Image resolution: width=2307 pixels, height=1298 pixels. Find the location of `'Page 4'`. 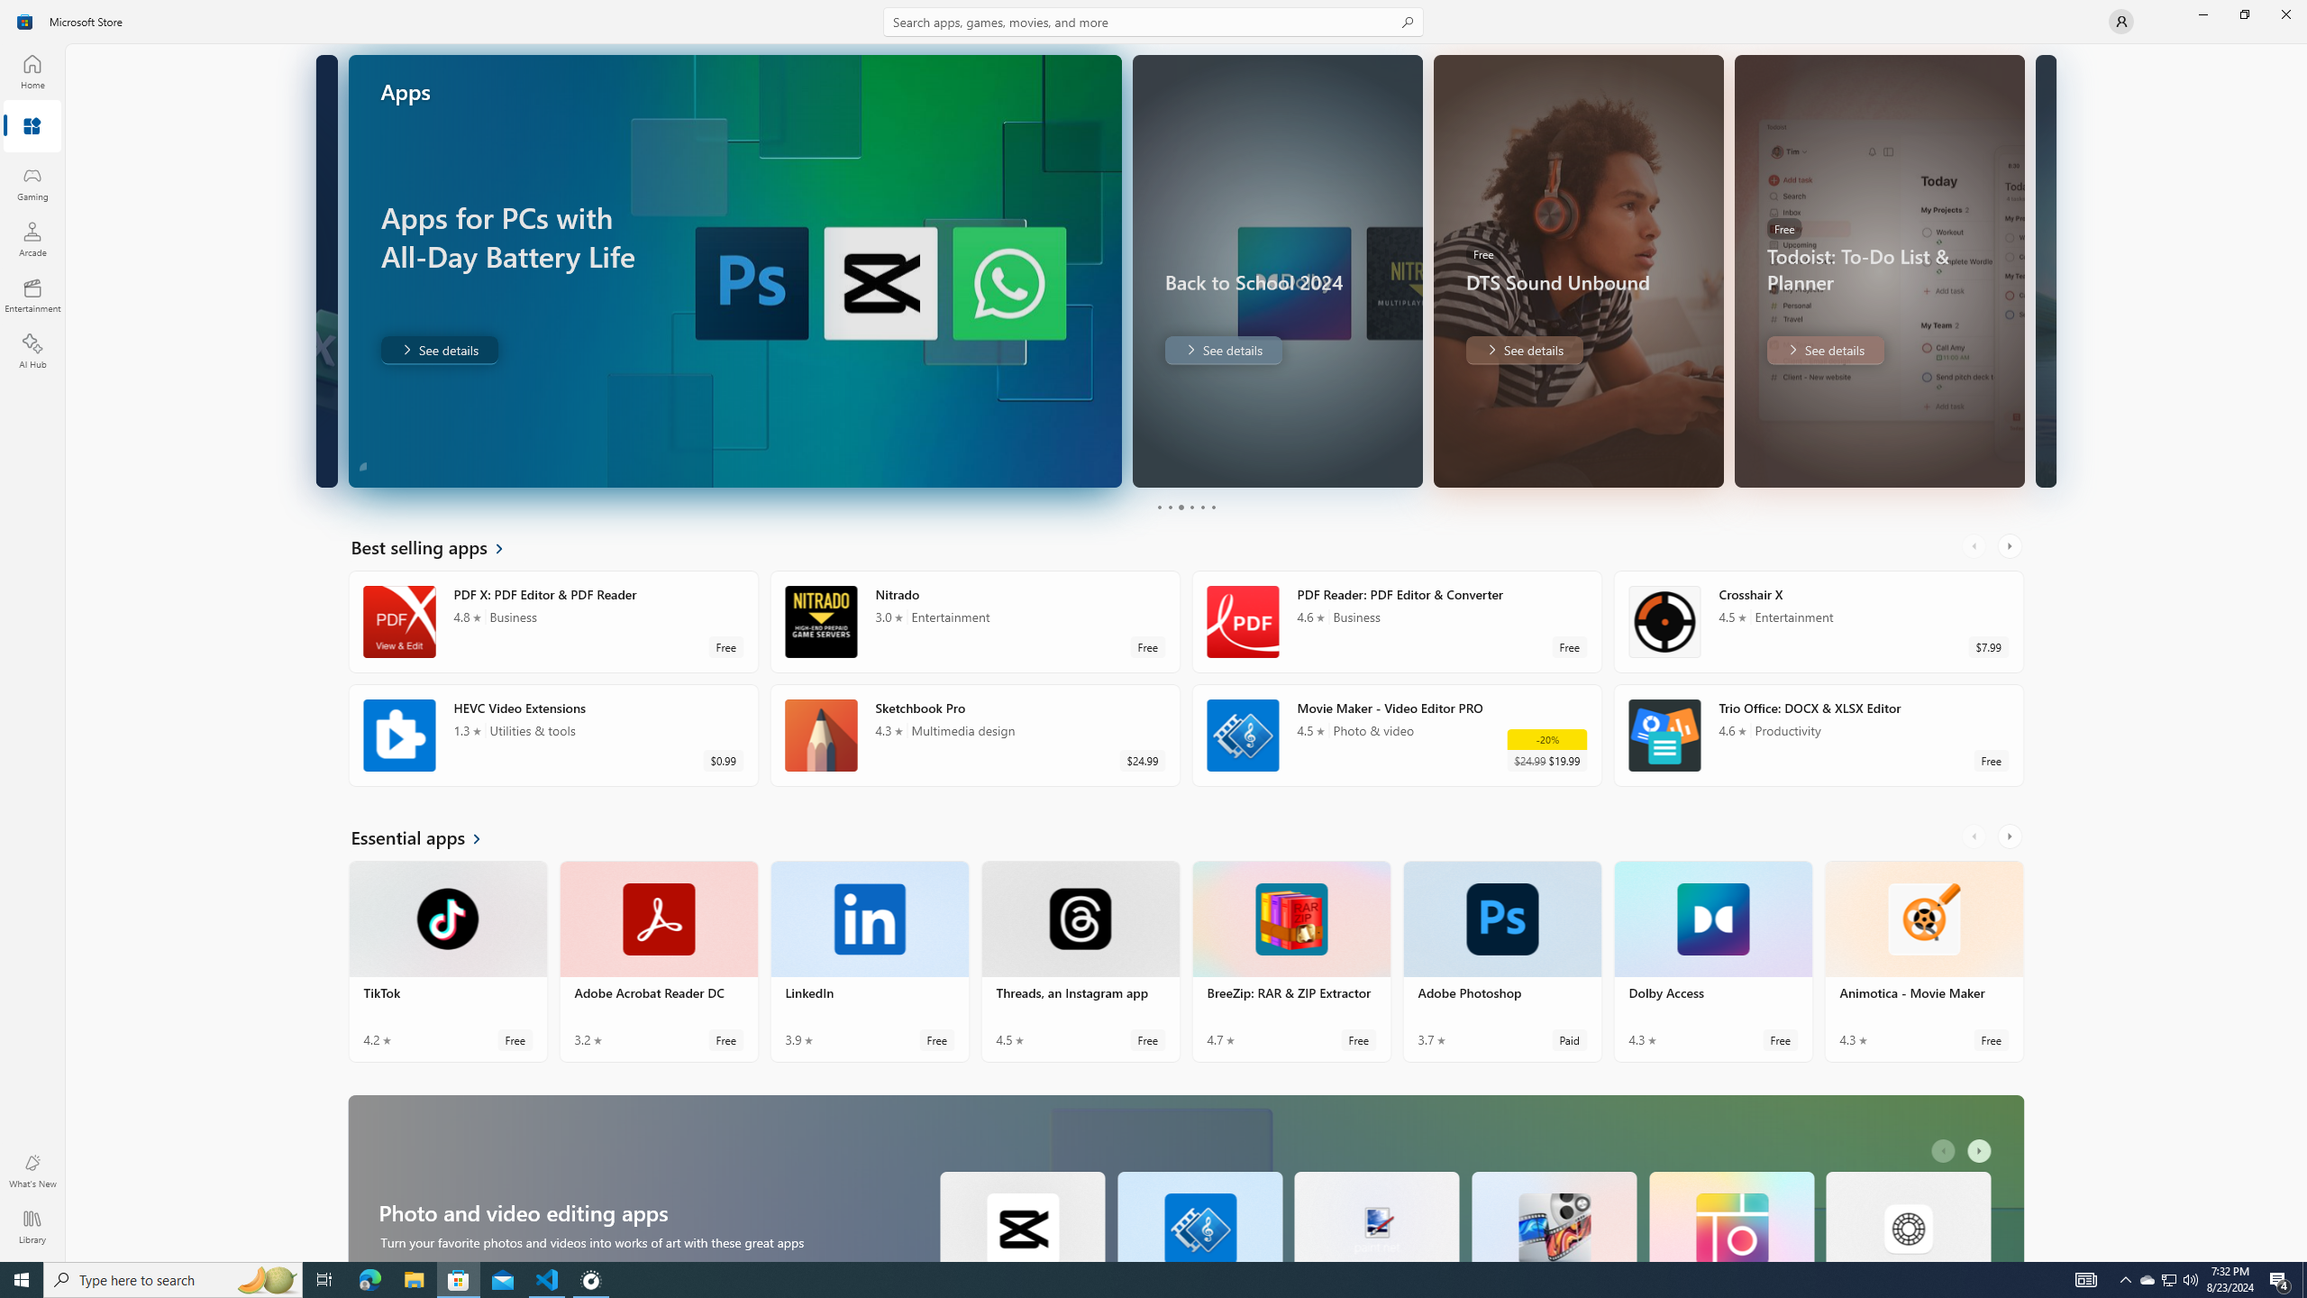

'Page 4' is located at coordinates (1190, 507).